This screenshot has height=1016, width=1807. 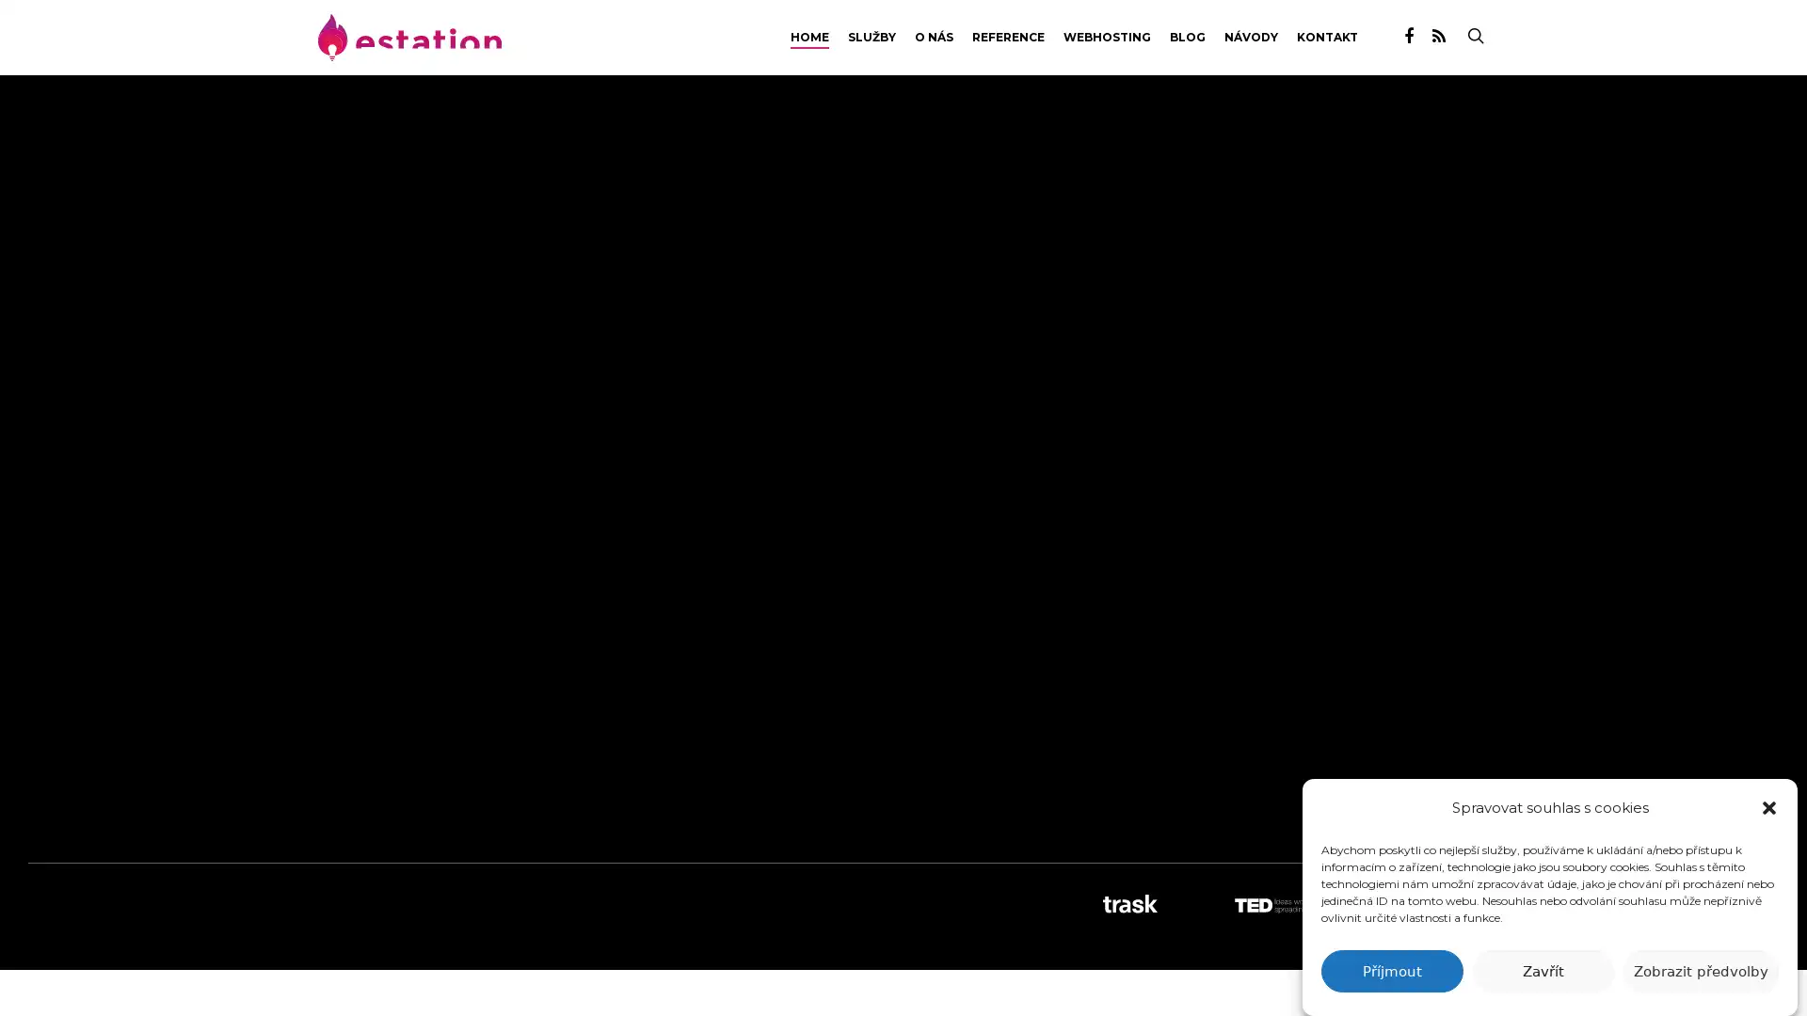 What do you see at coordinates (1391, 971) in the screenshot?
I see `Prijmout` at bounding box center [1391, 971].